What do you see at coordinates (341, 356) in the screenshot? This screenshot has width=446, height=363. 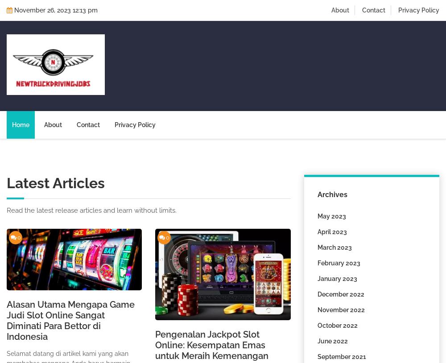 I see `'September 2021'` at bounding box center [341, 356].